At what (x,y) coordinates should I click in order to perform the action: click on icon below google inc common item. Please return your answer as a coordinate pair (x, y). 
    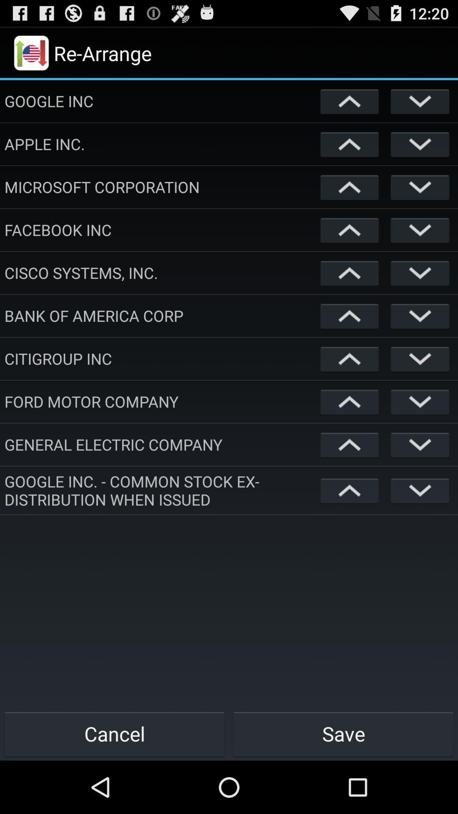
    Looking at the image, I should click on (343, 733).